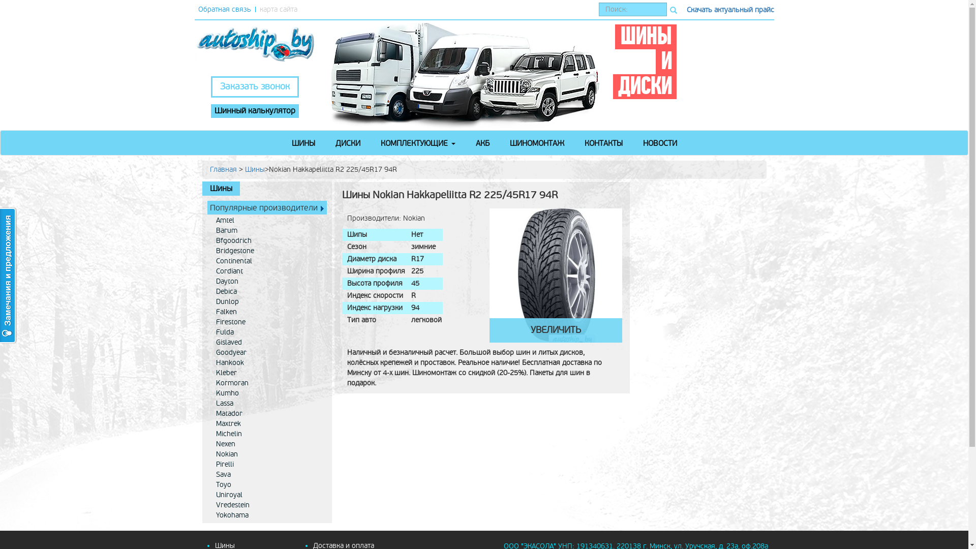  Describe the element at coordinates (268, 383) in the screenshot. I see `'Kormoran'` at that location.